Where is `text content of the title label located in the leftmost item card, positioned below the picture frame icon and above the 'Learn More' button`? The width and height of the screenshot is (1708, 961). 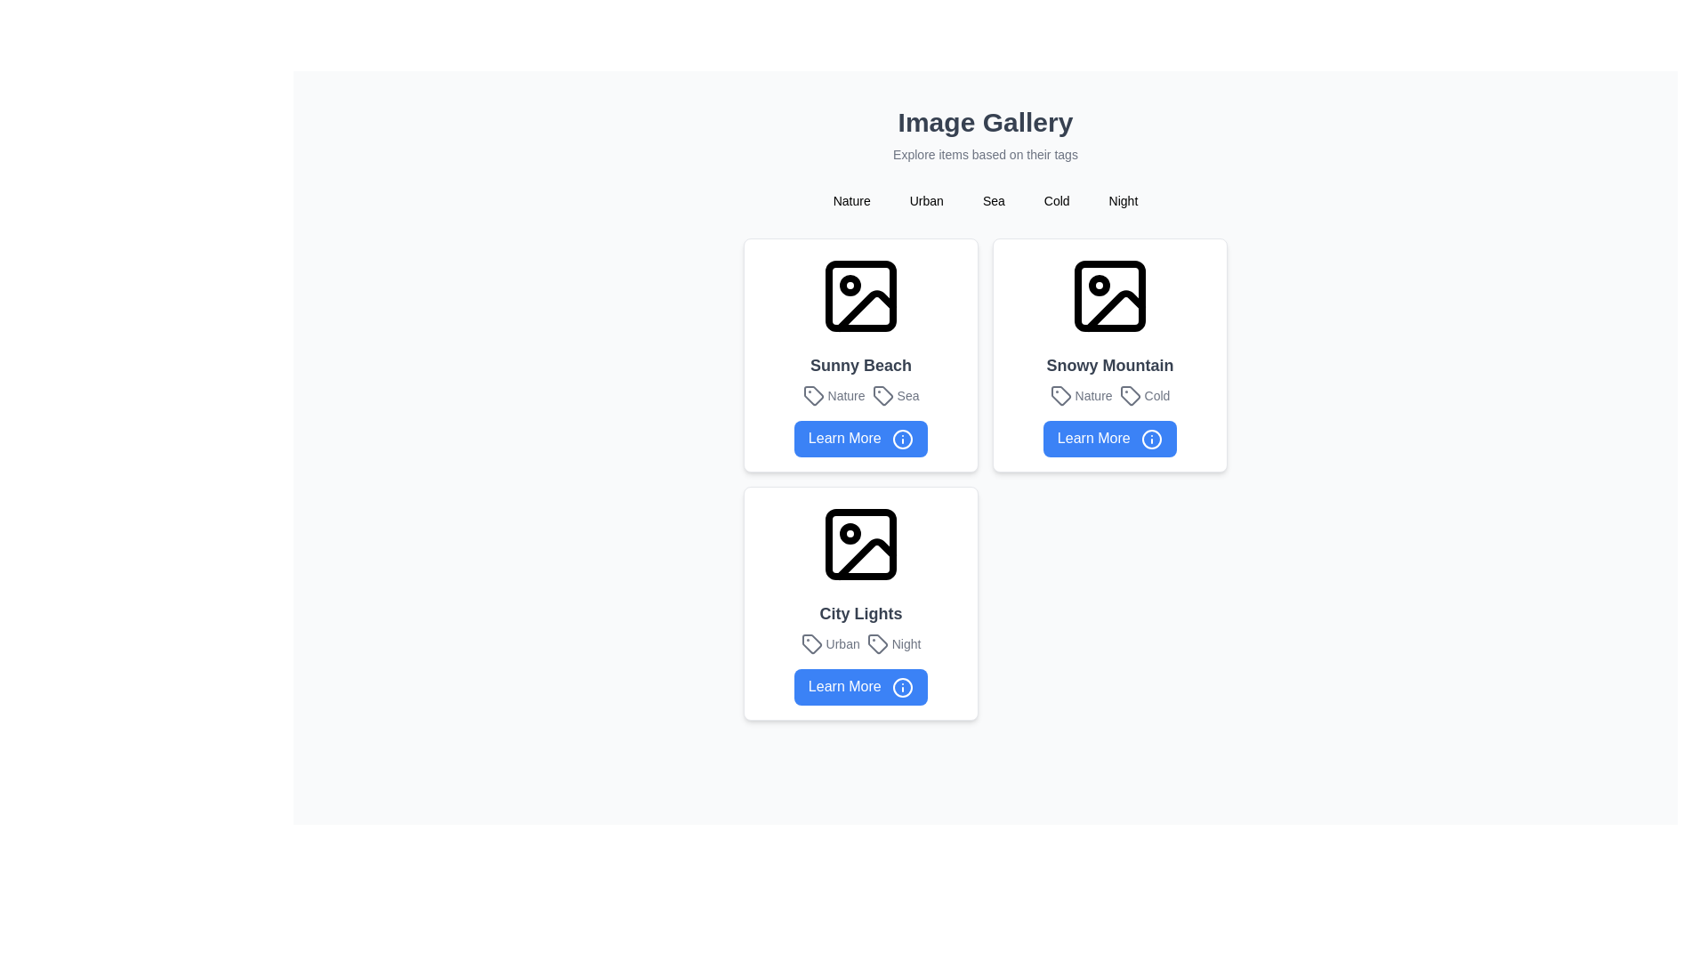
text content of the title label located in the leftmost item card, positioned below the picture frame icon and above the 'Learn More' button is located at coordinates (861, 365).